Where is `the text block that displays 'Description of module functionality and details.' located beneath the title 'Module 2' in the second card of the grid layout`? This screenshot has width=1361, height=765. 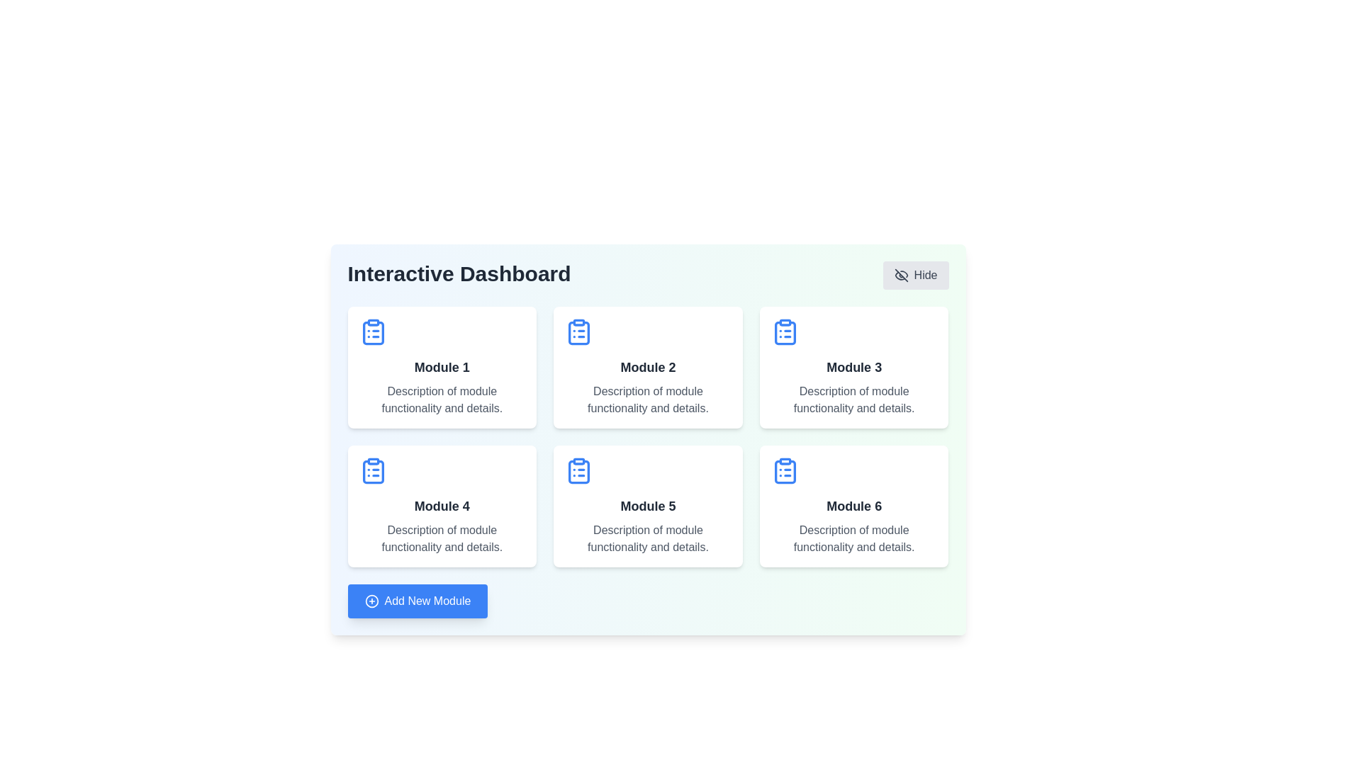
the text block that displays 'Description of module functionality and details.' located beneath the title 'Module 2' in the second card of the grid layout is located at coordinates (647, 399).